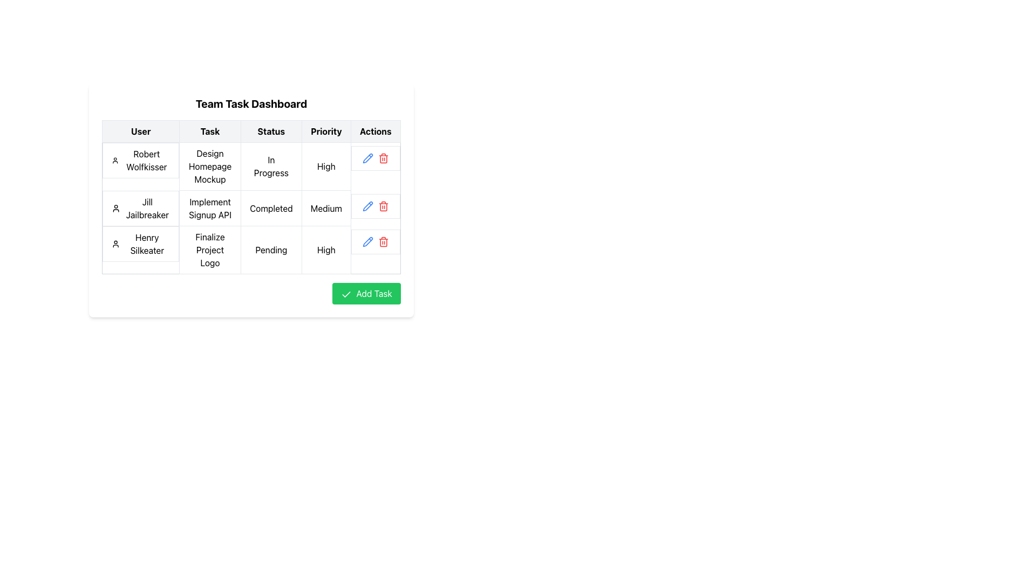  Describe the element at coordinates (250, 197) in the screenshot. I see `the table cell located within the 'Team Task Dashboard' to interact with the data presented for a team member` at that location.